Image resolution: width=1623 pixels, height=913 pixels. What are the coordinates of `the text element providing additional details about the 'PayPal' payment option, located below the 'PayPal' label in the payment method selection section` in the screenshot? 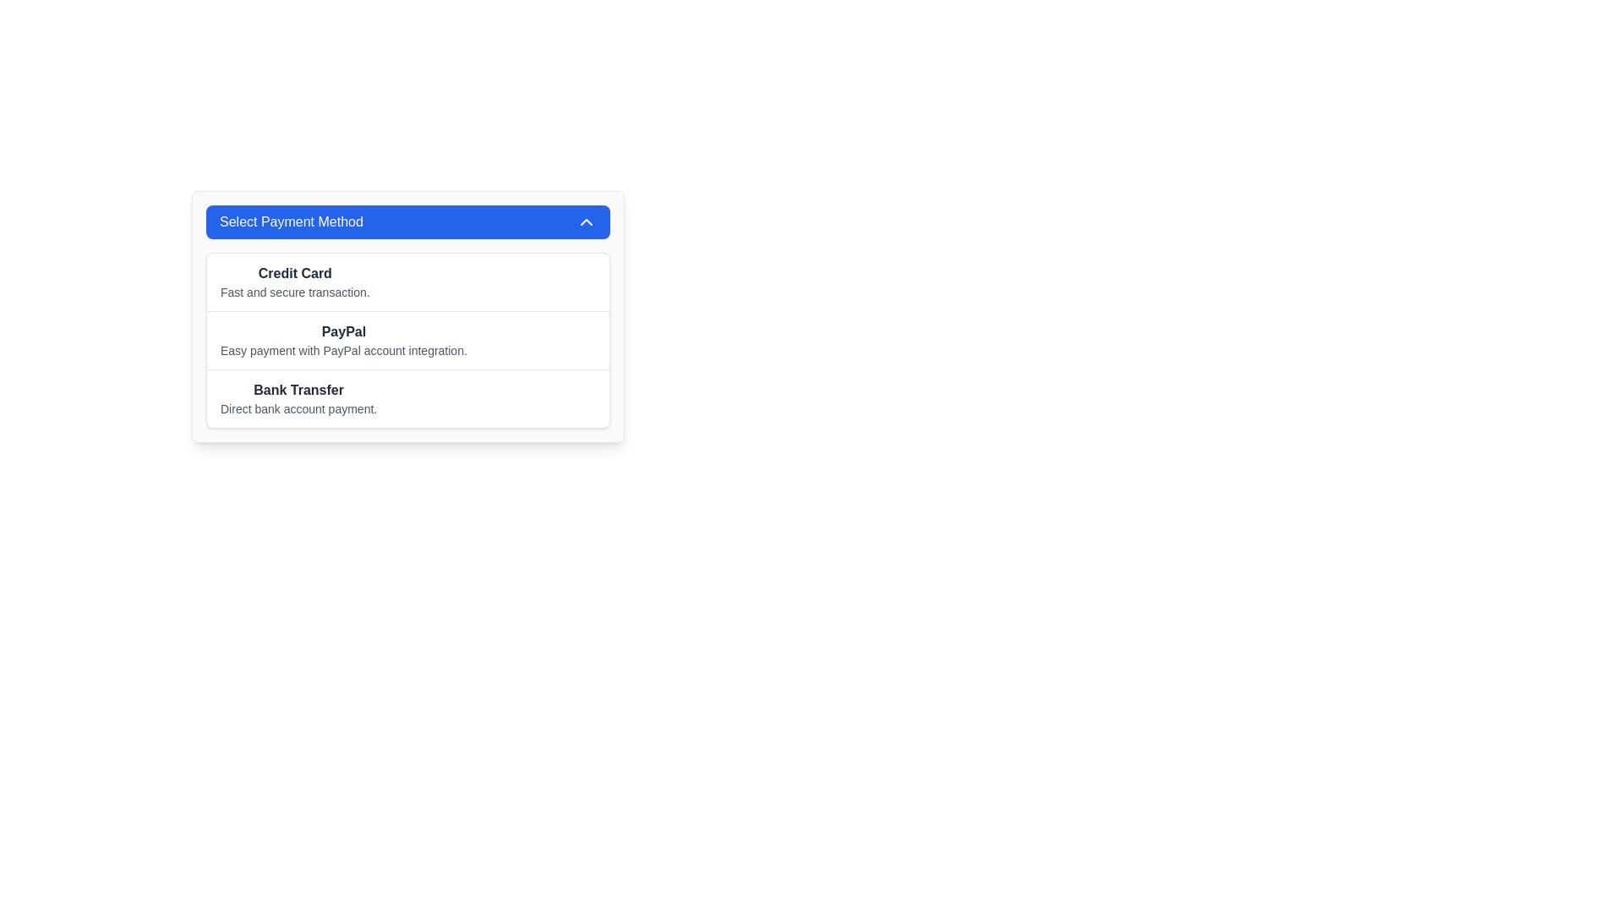 It's located at (342, 350).